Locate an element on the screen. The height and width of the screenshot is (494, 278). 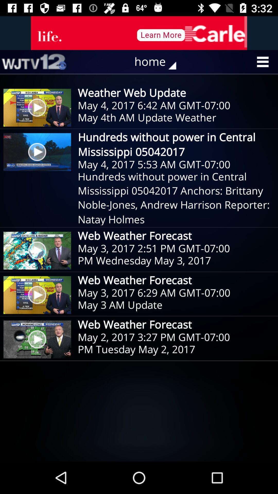
the home icon is located at coordinates (159, 62).